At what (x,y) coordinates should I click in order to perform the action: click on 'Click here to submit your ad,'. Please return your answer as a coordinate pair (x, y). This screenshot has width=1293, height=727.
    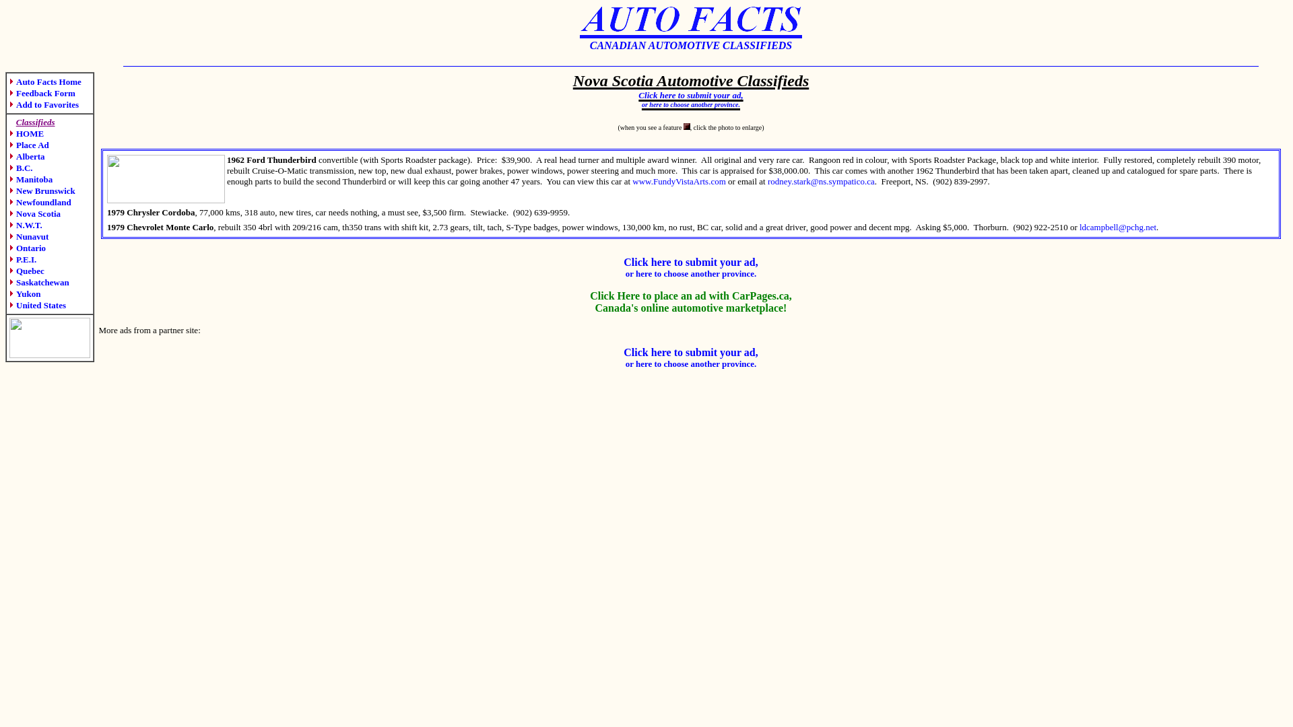
    Looking at the image, I should click on (623, 352).